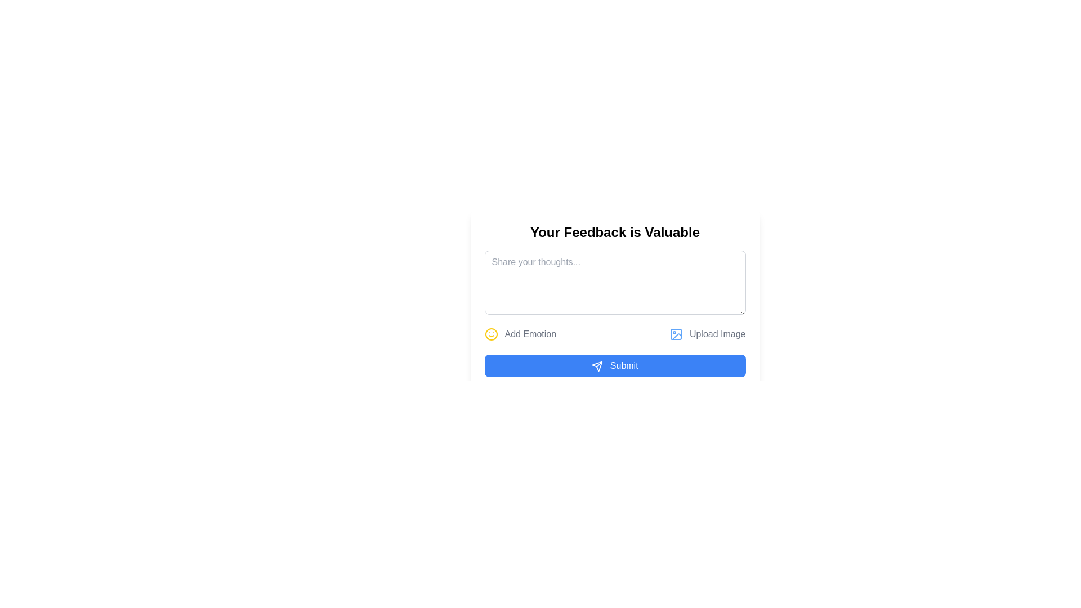 This screenshot has width=1081, height=608. I want to click on the image upload button located towards the bottom right of the user interface to upload an image, so click(707, 334).